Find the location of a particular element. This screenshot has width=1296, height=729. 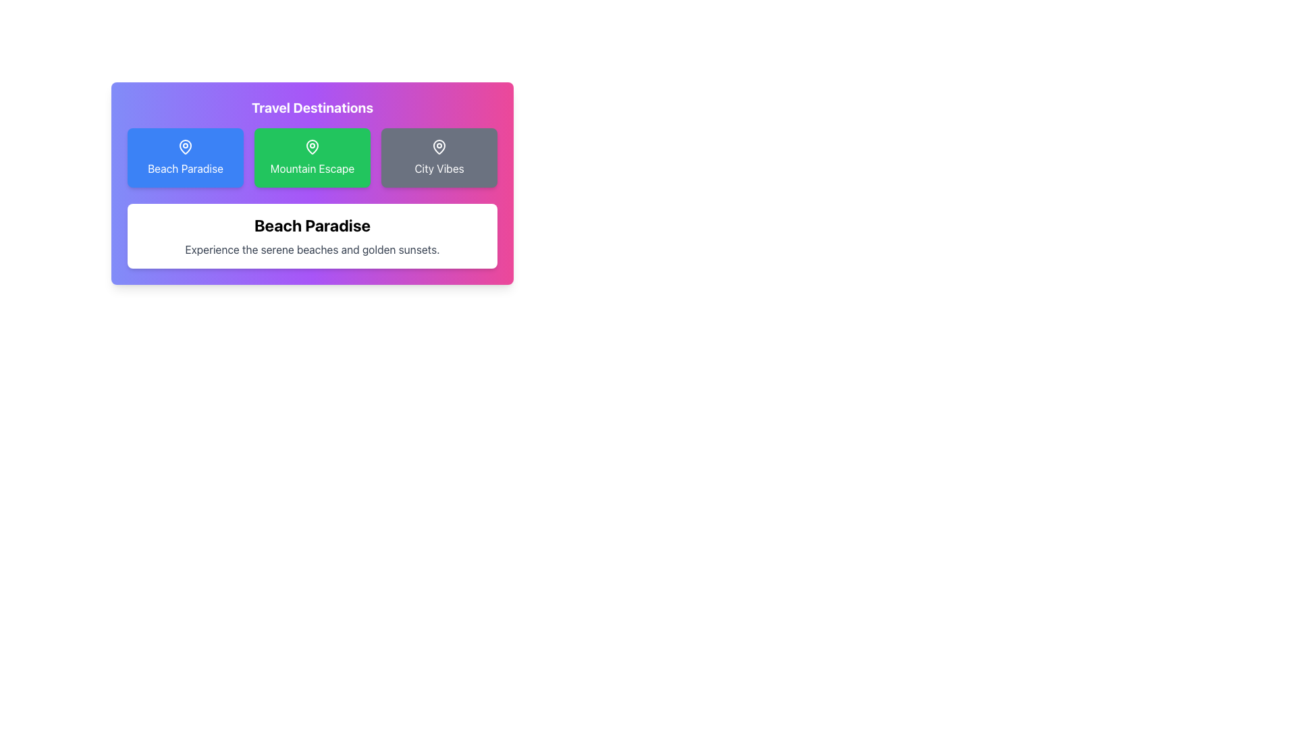

bold headline text 'Travel Destinations' which is styled in white against a gradient background, located at the center top of the themed card is located at coordinates (311, 107).